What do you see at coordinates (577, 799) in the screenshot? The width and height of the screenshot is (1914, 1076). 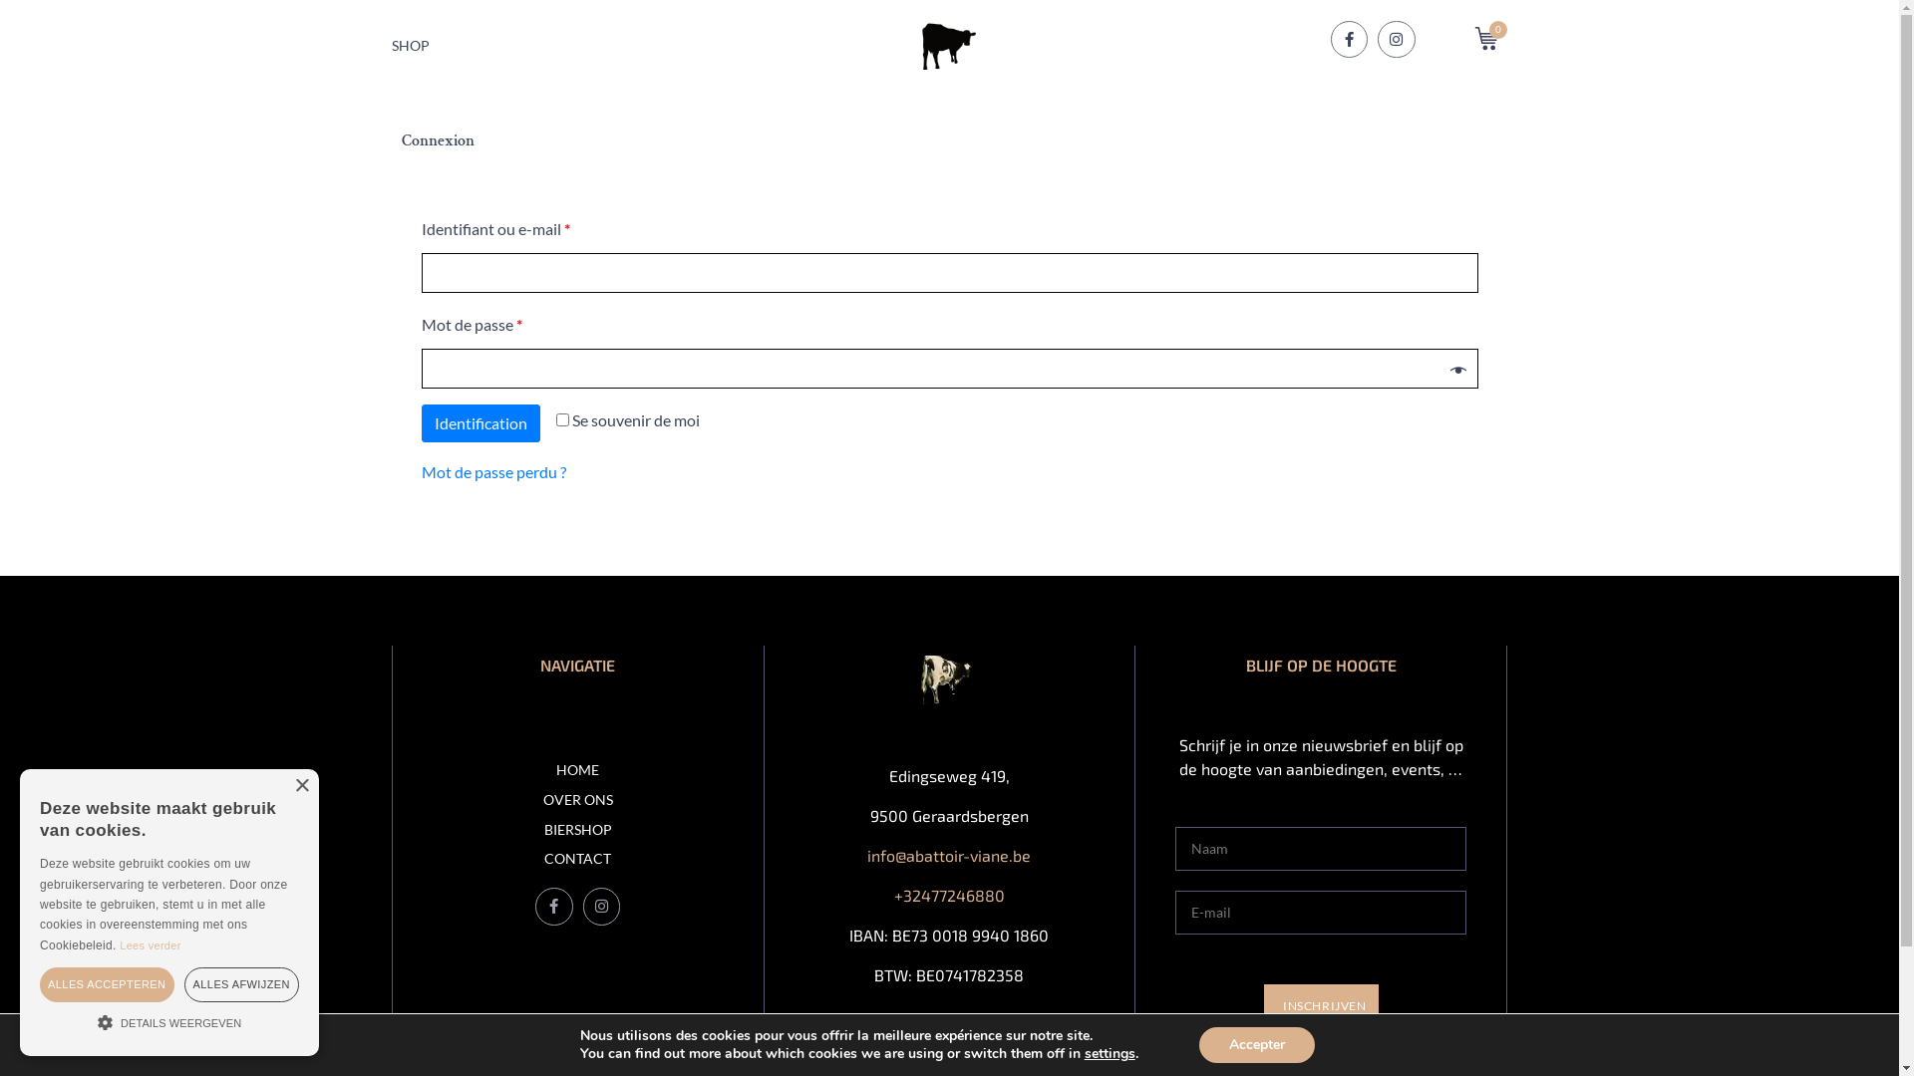 I see `'OVER ONS'` at bounding box center [577, 799].